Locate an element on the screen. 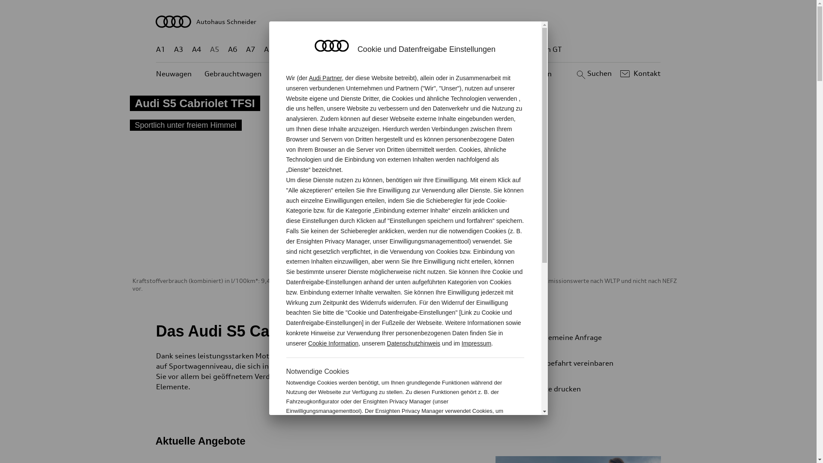 Image resolution: width=823 pixels, height=463 pixels. 'Probefahrt vereinbaren' is located at coordinates (586, 363).